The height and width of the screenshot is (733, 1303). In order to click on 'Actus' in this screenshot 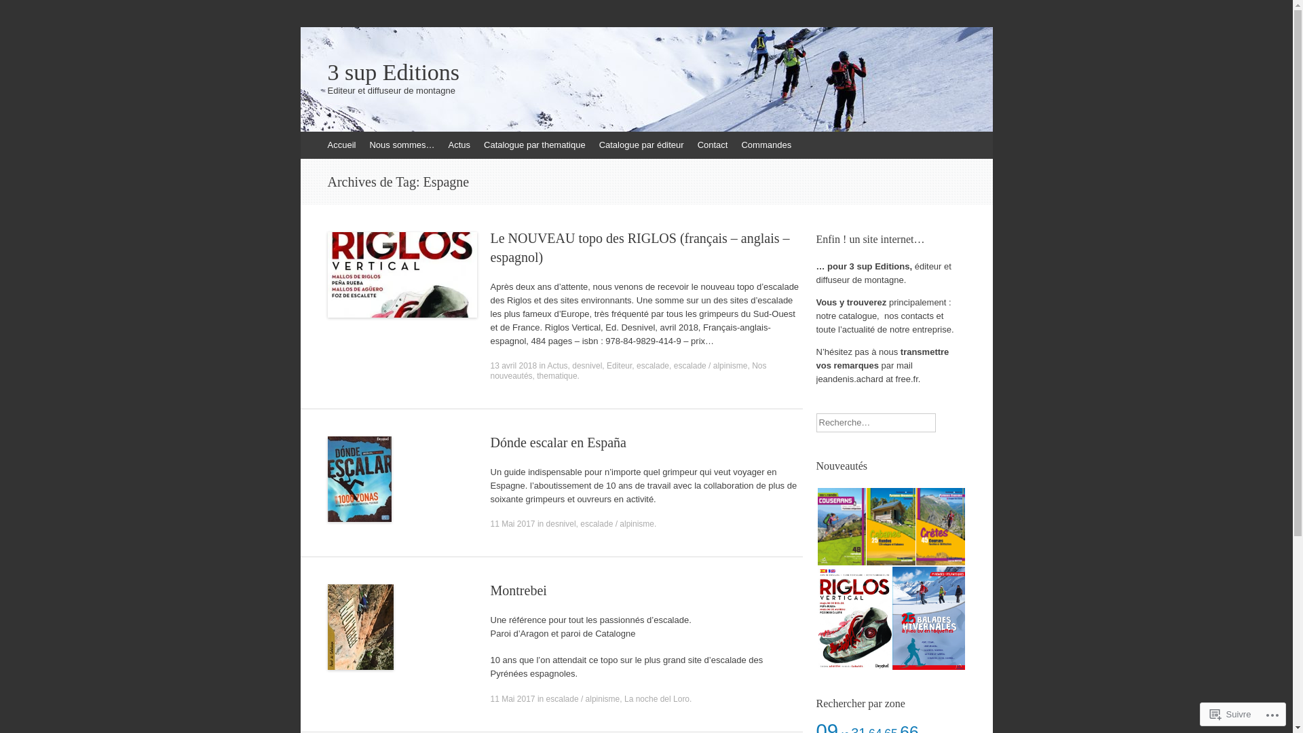, I will do `click(557, 365)`.